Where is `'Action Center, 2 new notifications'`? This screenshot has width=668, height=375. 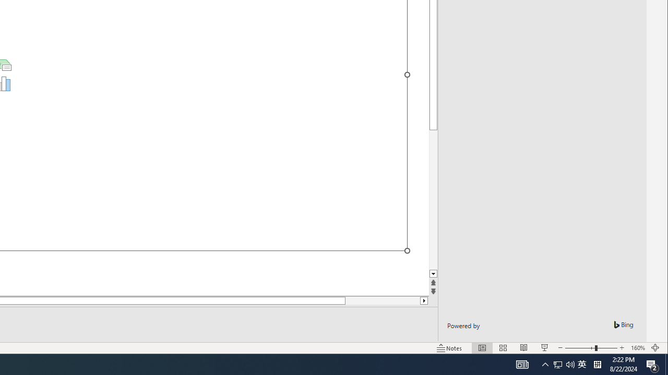 'Action Center, 2 new notifications' is located at coordinates (652, 364).